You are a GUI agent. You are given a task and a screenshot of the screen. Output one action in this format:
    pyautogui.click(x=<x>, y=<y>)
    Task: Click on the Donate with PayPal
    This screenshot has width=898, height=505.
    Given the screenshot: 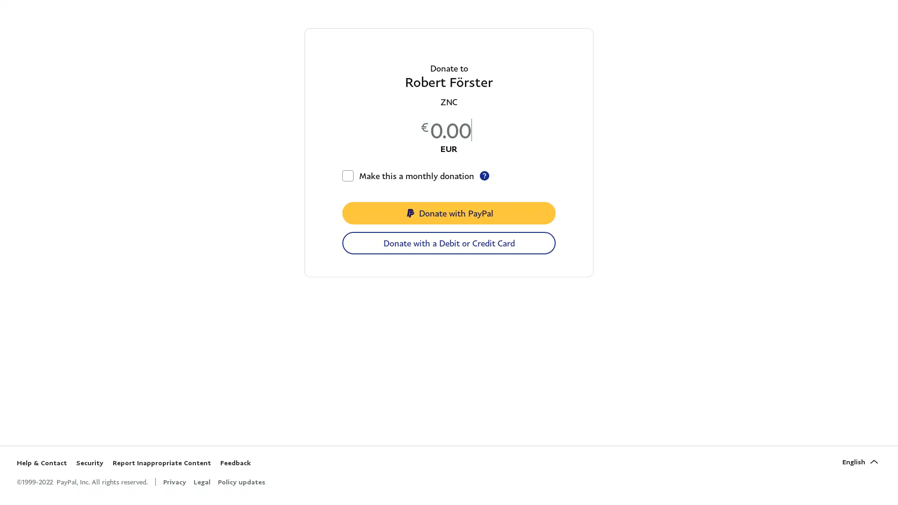 What is the action you would take?
    pyautogui.click(x=449, y=213)
    